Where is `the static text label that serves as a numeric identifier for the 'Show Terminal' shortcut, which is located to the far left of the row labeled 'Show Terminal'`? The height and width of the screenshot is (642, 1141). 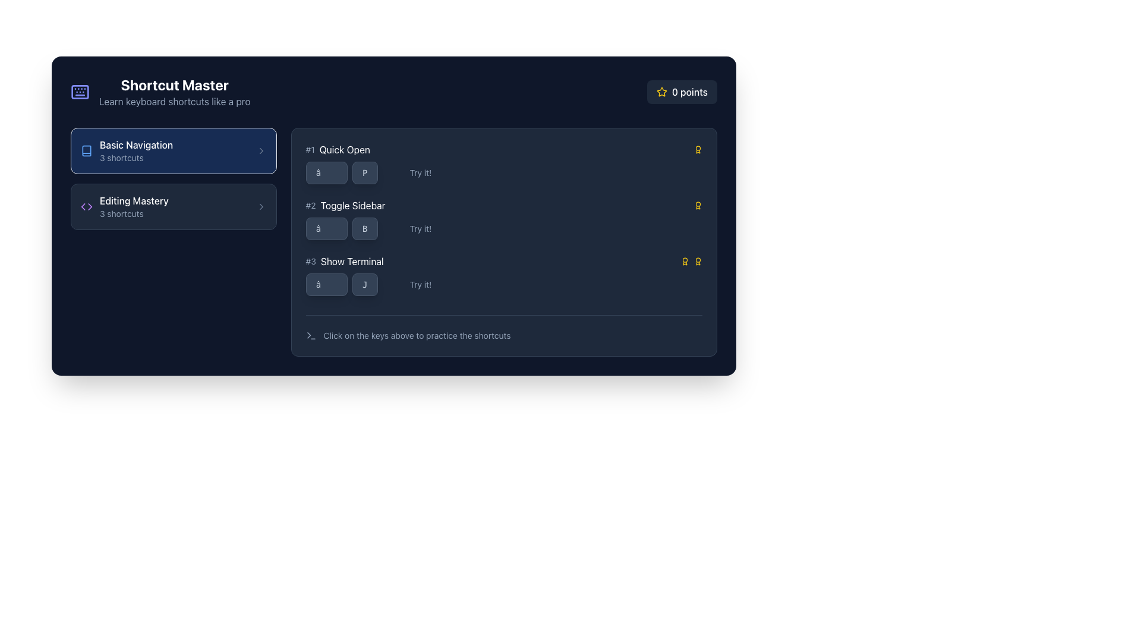 the static text label that serves as a numeric identifier for the 'Show Terminal' shortcut, which is located to the far left of the row labeled 'Show Terminal' is located at coordinates (311, 260).